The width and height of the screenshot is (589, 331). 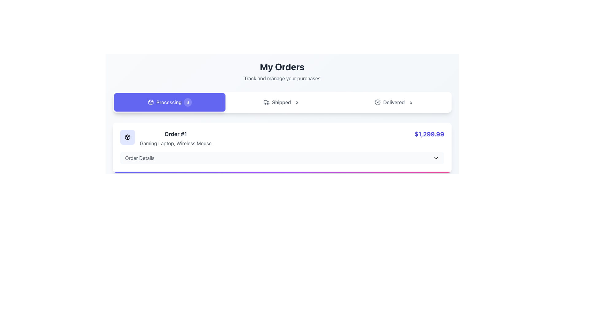 I want to click on the 'Shipped' status in the Status navigation panel, so click(x=282, y=102).